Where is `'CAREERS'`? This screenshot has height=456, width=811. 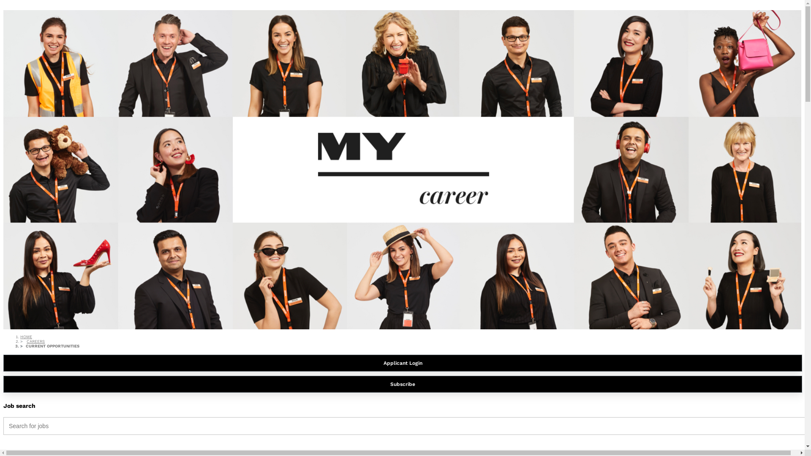 'CAREERS' is located at coordinates (35, 341).